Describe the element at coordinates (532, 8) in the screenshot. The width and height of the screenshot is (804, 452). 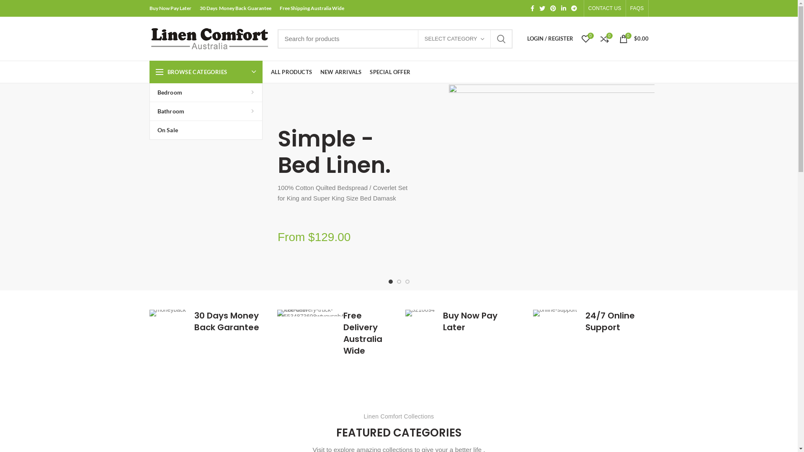
I see `'Facebook'` at that location.